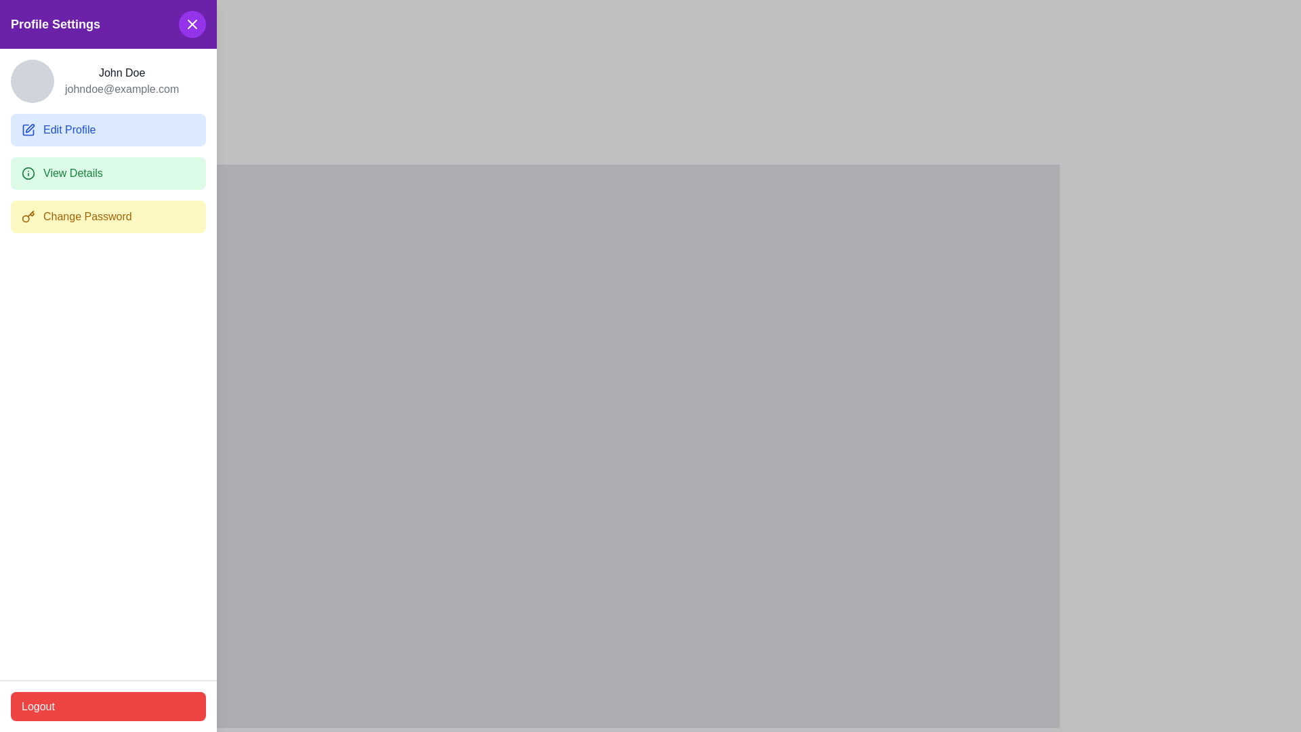  I want to click on the 'Profile Settings' label, which displays white text on a purple background and is positioned at the top-left corner of the interface, so click(54, 24).